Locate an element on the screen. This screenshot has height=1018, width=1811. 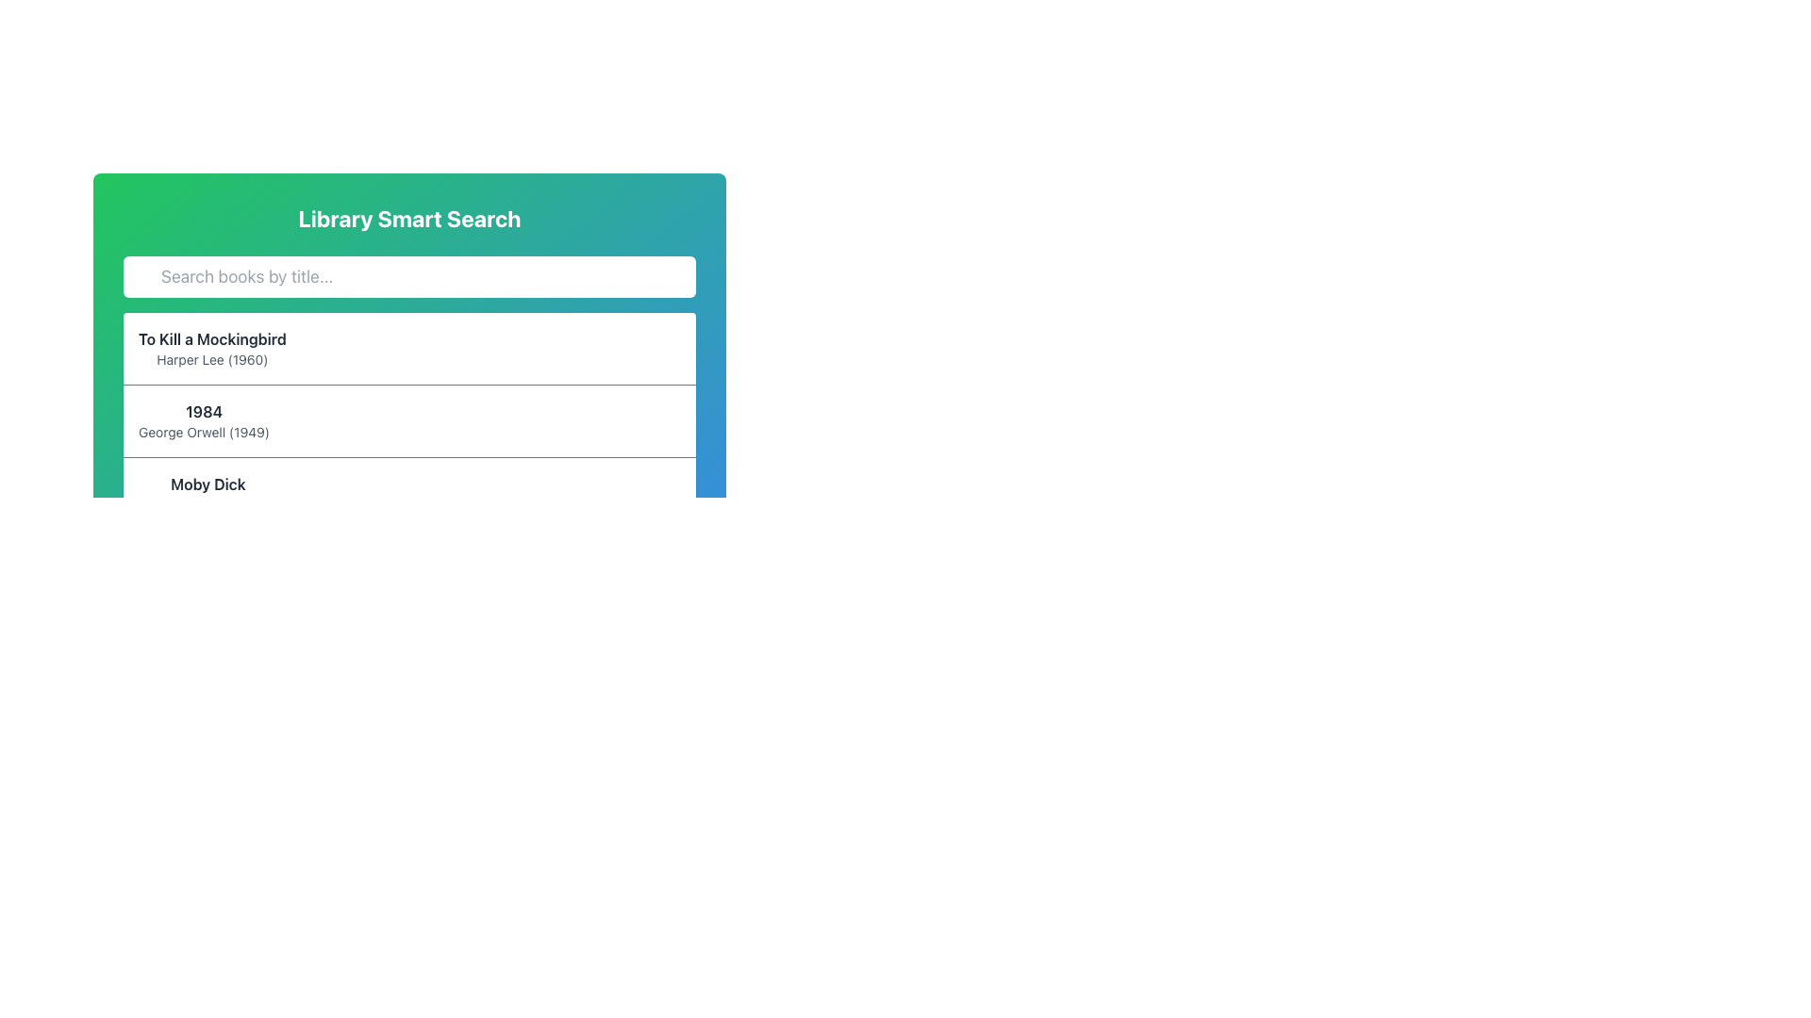
a book entry in the Library Smart Search list is located at coordinates (408, 493).